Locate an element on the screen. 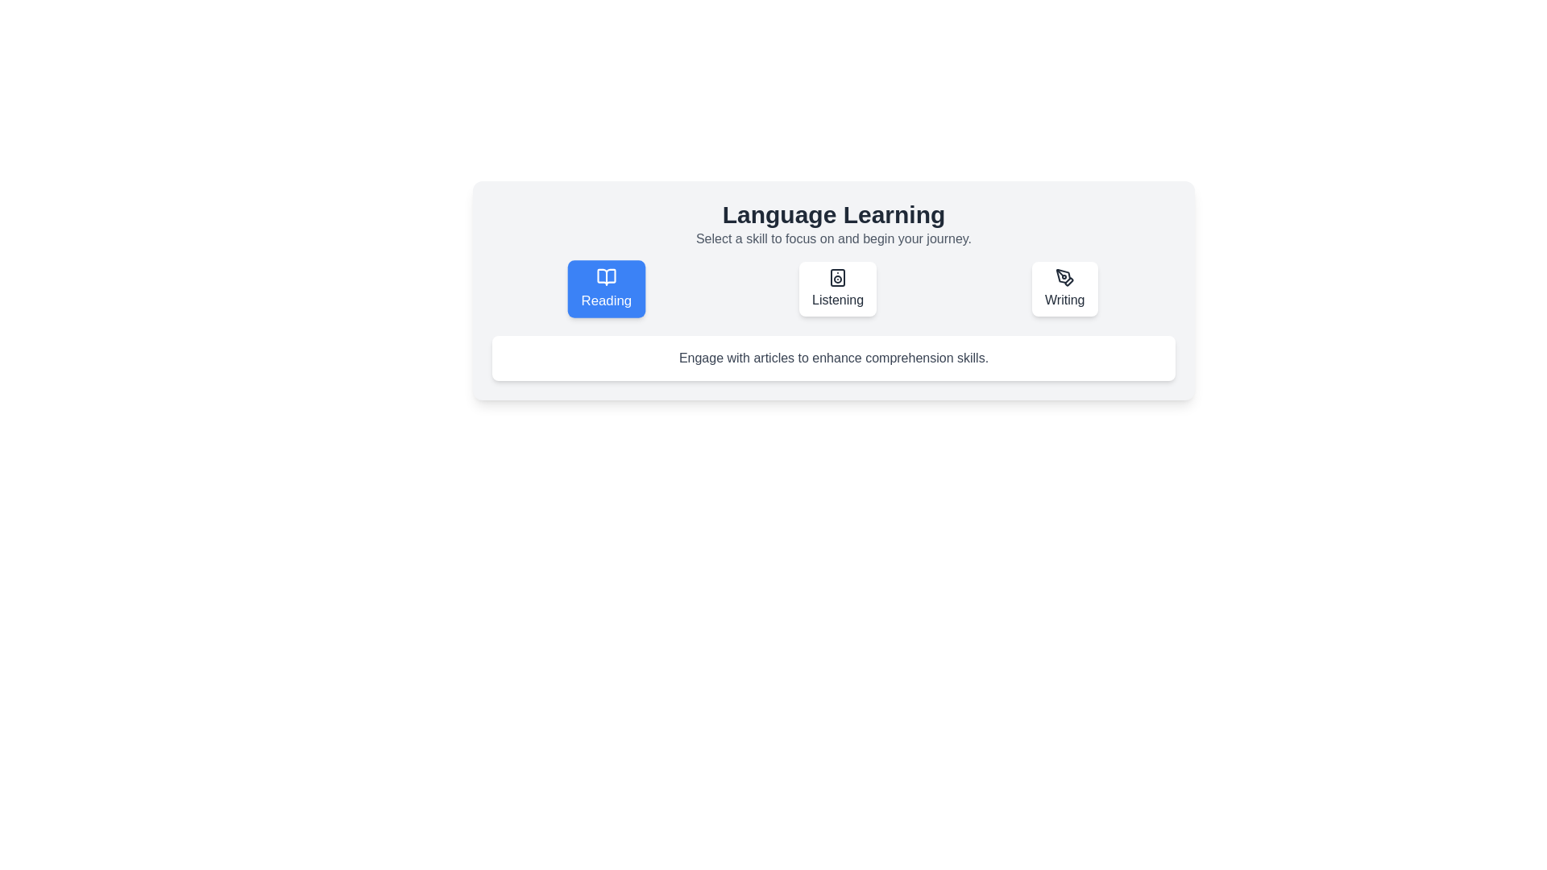  the small black pen tool icon located at the top of the 'Writing' button group, which has a minimalistic and modern design is located at coordinates (1064, 276).